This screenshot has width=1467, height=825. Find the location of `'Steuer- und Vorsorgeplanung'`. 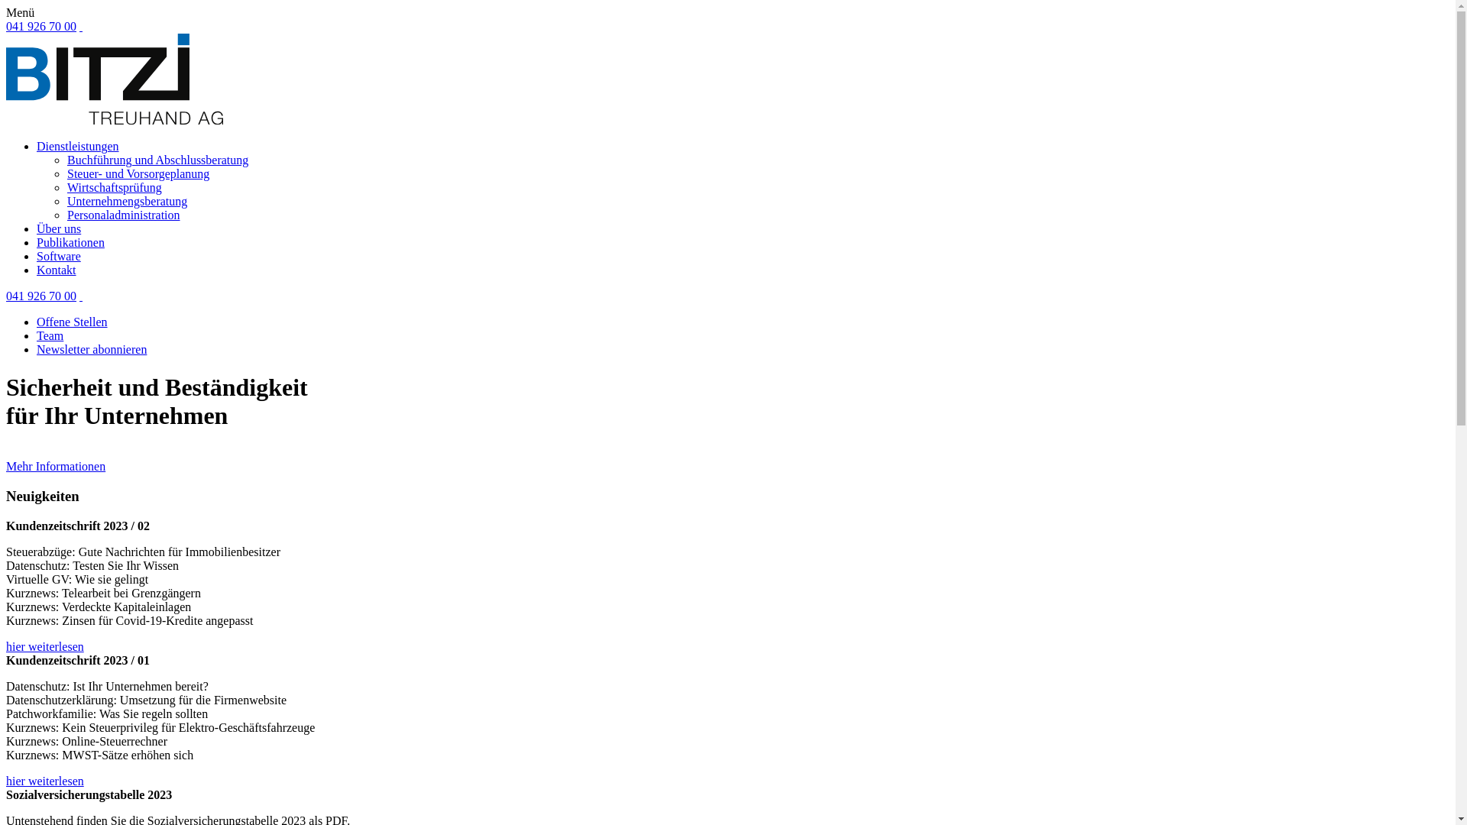

'Steuer- und Vorsorgeplanung' is located at coordinates (138, 173).